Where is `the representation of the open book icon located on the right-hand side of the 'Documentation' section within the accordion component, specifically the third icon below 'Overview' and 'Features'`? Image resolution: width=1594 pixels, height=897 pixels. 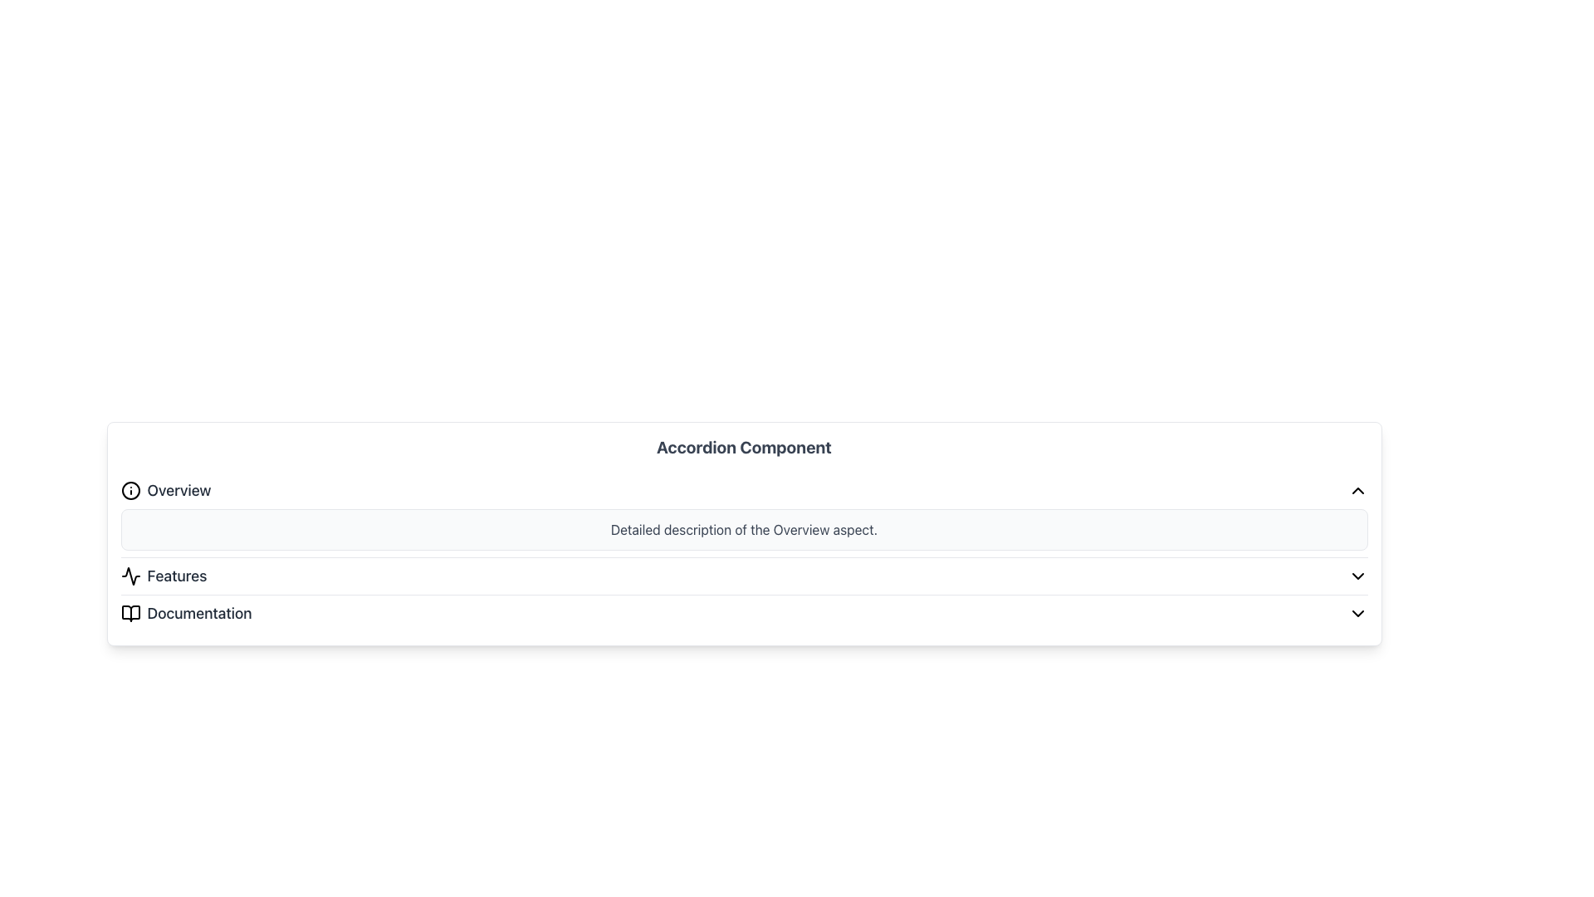
the representation of the open book icon located on the right-hand side of the 'Documentation' section within the accordion component, specifically the third icon below 'Overview' and 'Features' is located at coordinates (130, 614).